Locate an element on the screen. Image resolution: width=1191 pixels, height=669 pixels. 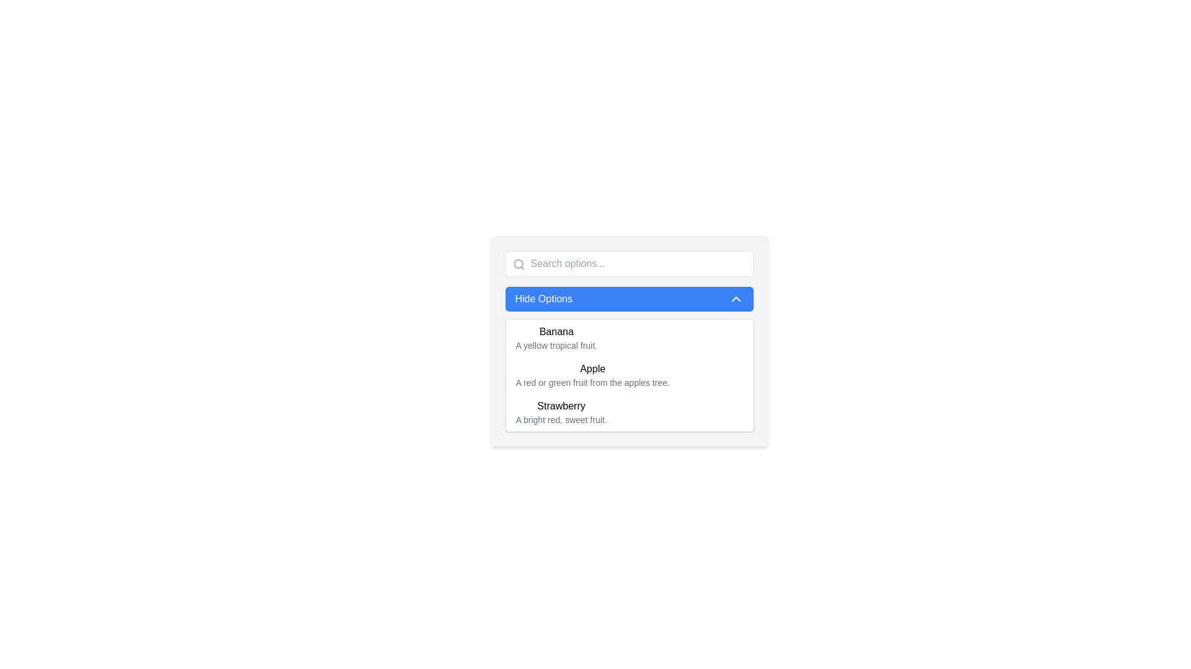
the magnifying glass icon, which is a gray search icon located at the top-left corner inside the text input field is located at coordinates (519, 264).